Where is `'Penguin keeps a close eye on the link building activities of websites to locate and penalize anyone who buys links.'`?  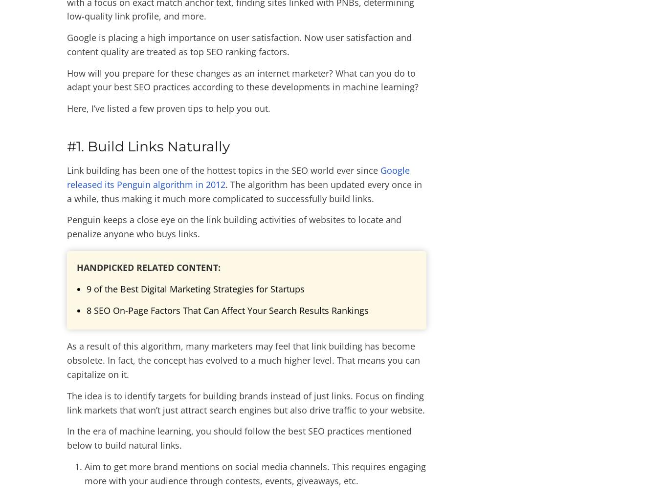 'Penguin keeps a close eye on the link building activities of websites to locate and penalize anyone who buys links.' is located at coordinates (234, 227).